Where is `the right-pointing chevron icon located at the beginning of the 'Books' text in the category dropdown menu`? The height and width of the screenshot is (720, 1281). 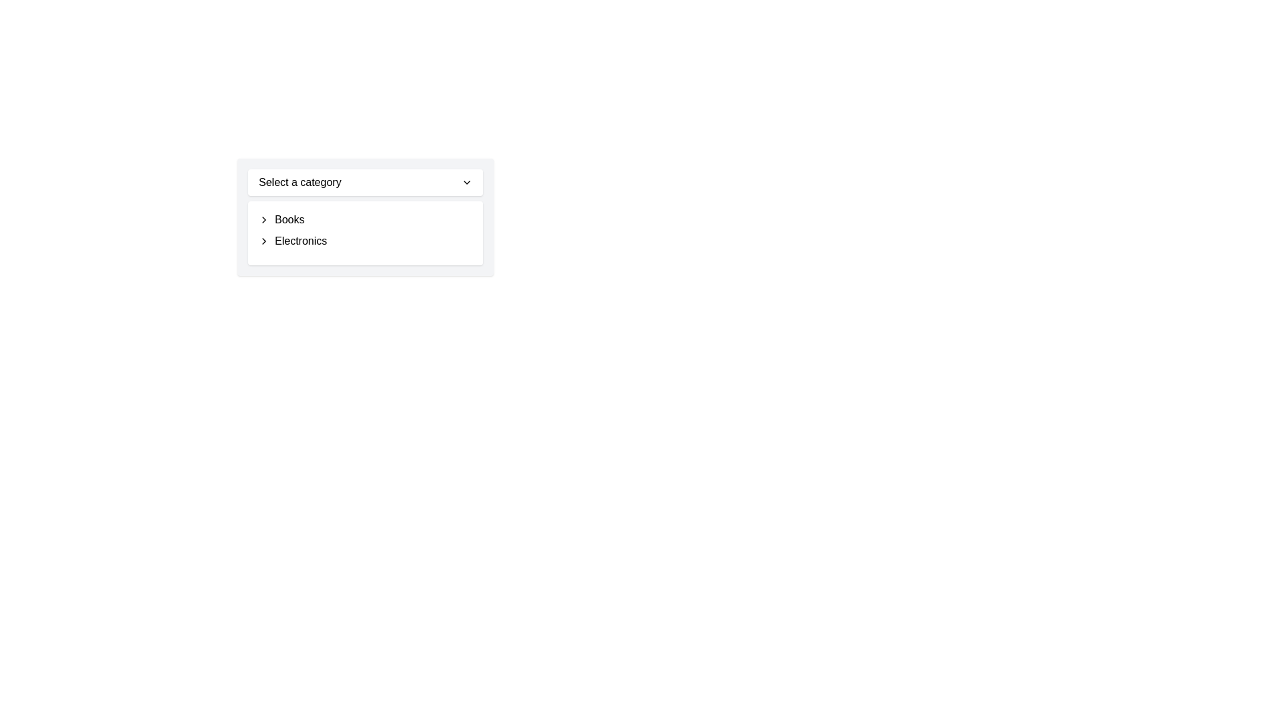 the right-pointing chevron icon located at the beginning of the 'Books' text in the category dropdown menu is located at coordinates (264, 219).